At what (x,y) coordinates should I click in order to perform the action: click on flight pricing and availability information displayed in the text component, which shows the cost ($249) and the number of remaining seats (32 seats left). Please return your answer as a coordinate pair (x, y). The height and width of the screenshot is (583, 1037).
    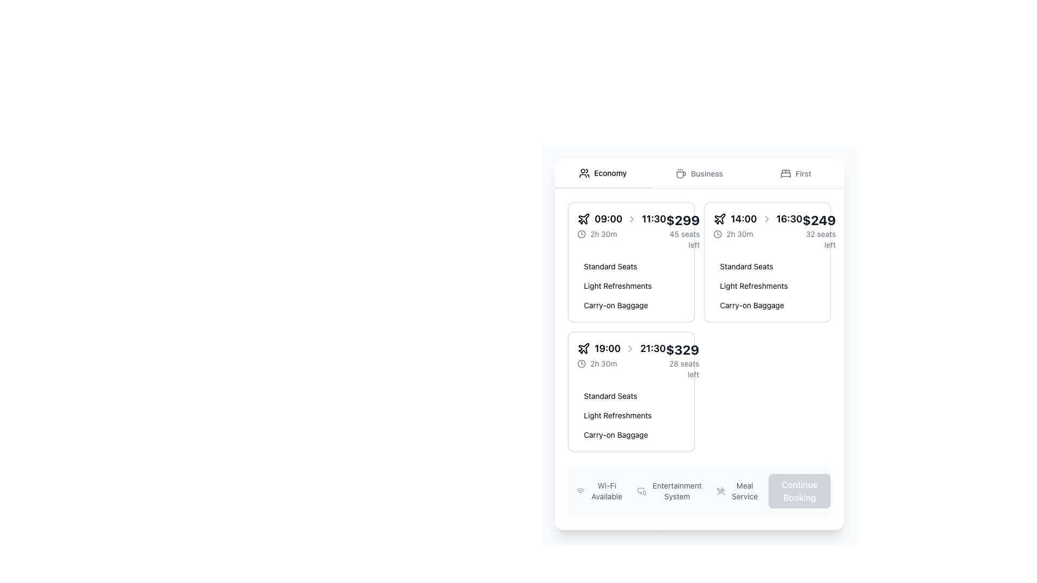
    Looking at the image, I should click on (819, 231).